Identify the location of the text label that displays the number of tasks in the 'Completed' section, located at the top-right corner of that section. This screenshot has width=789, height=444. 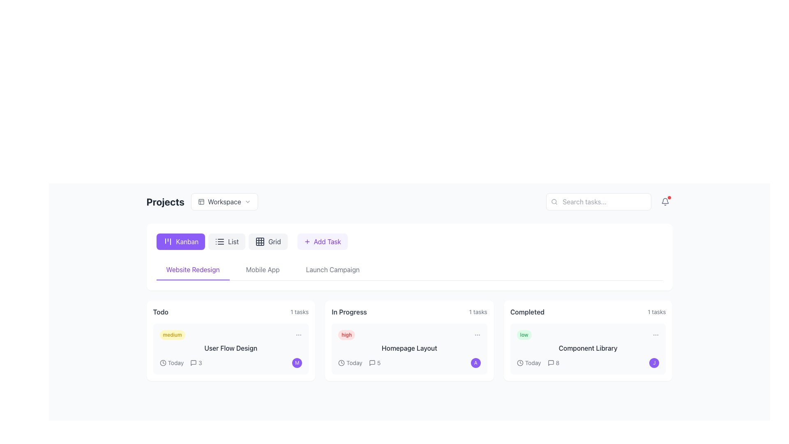
(656, 312).